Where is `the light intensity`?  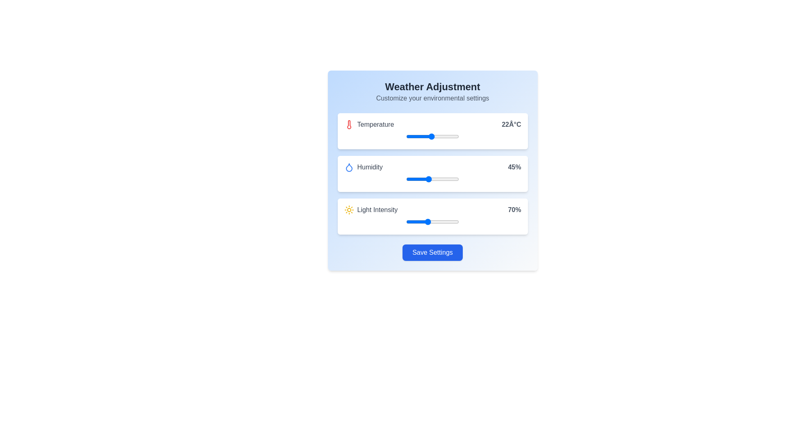 the light intensity is located at coordinates (406, 221).